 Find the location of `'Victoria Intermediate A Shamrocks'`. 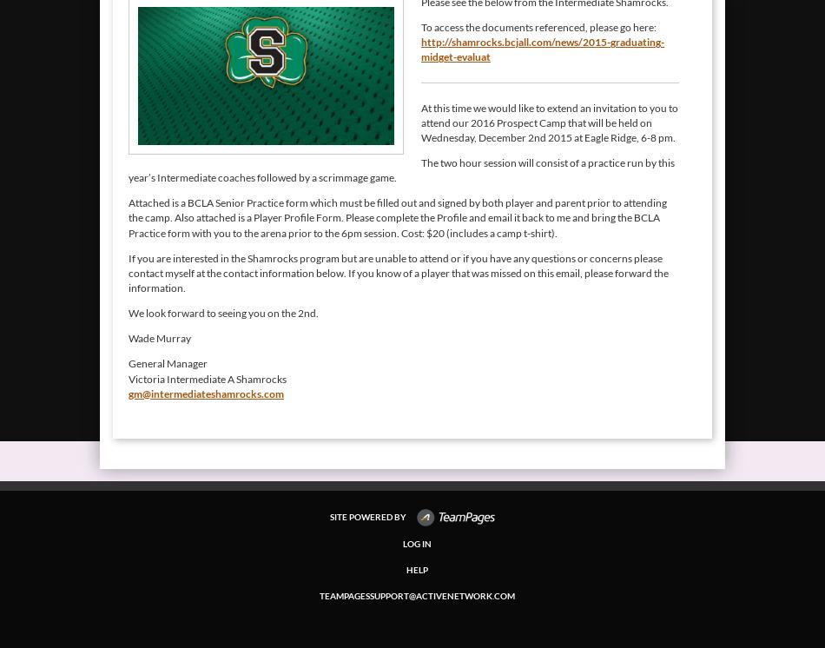

'Victoria Intermediate A Shamrocks' is located at coordinates (207, 377).